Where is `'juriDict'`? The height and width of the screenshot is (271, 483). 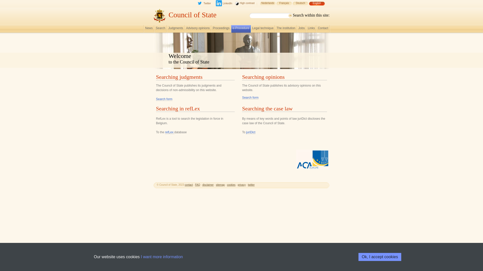 'juriDict' is located at coordinates (251, 132).